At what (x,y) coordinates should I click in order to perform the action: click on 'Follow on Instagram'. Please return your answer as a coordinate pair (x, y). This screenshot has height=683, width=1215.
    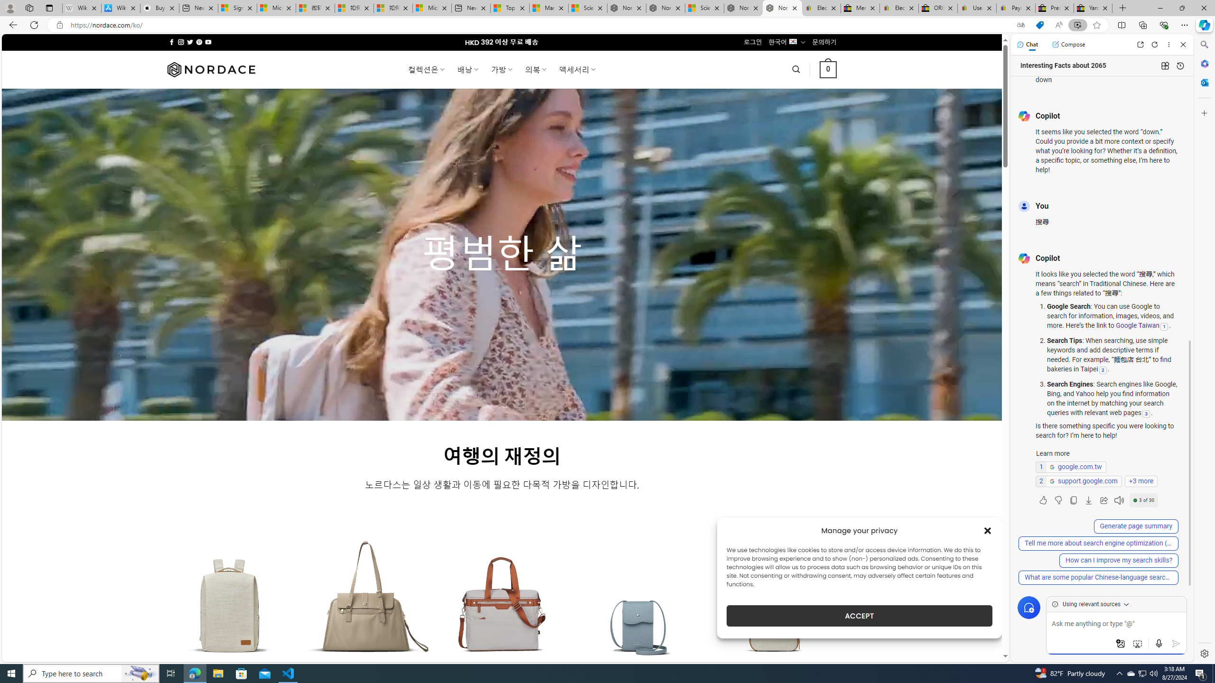
    Looking at the image, I should click on (180, 42).